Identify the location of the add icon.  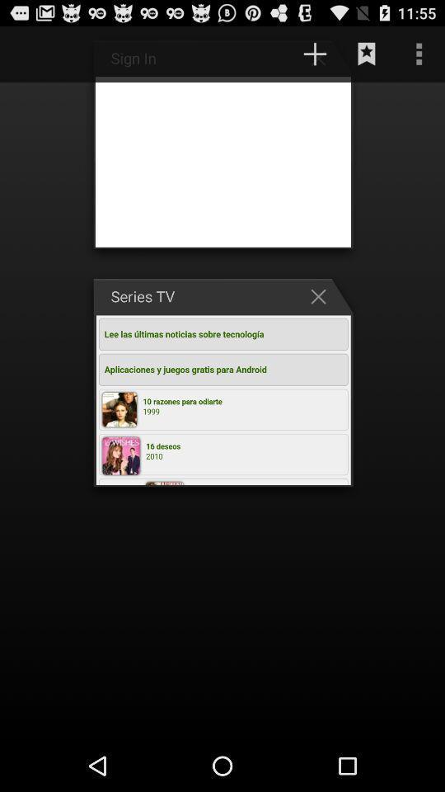
(315, 58).